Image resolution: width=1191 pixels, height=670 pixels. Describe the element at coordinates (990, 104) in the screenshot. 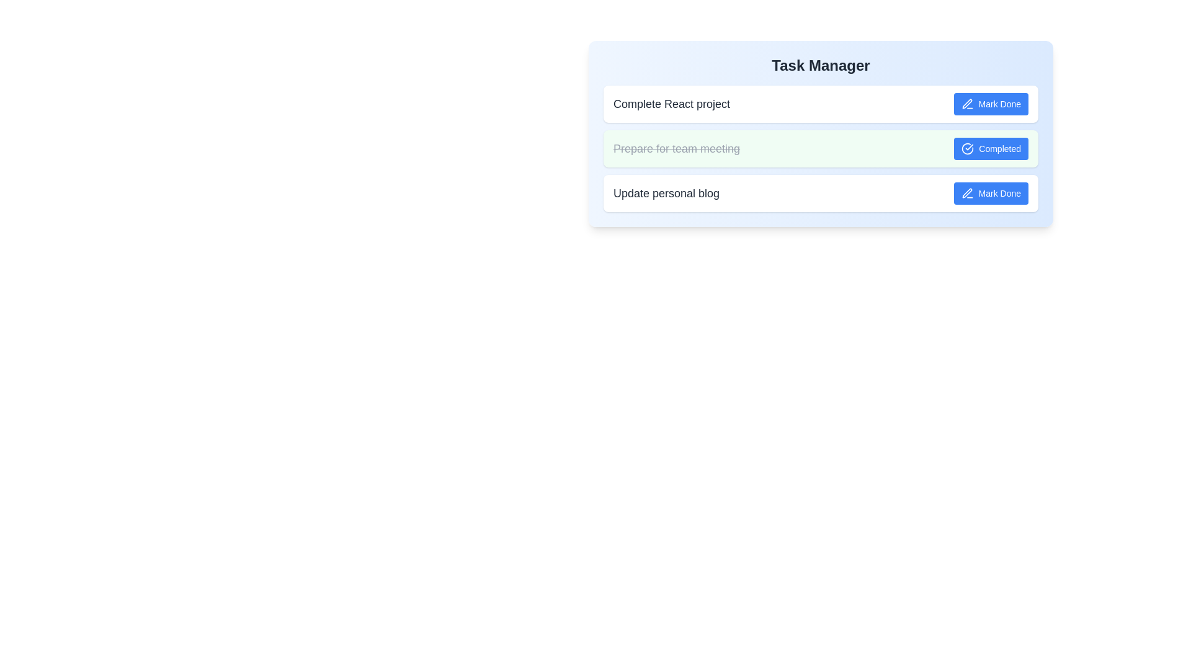

I see `button next to the task labeled 'Complete React project' to toggle its completion status` at that location.